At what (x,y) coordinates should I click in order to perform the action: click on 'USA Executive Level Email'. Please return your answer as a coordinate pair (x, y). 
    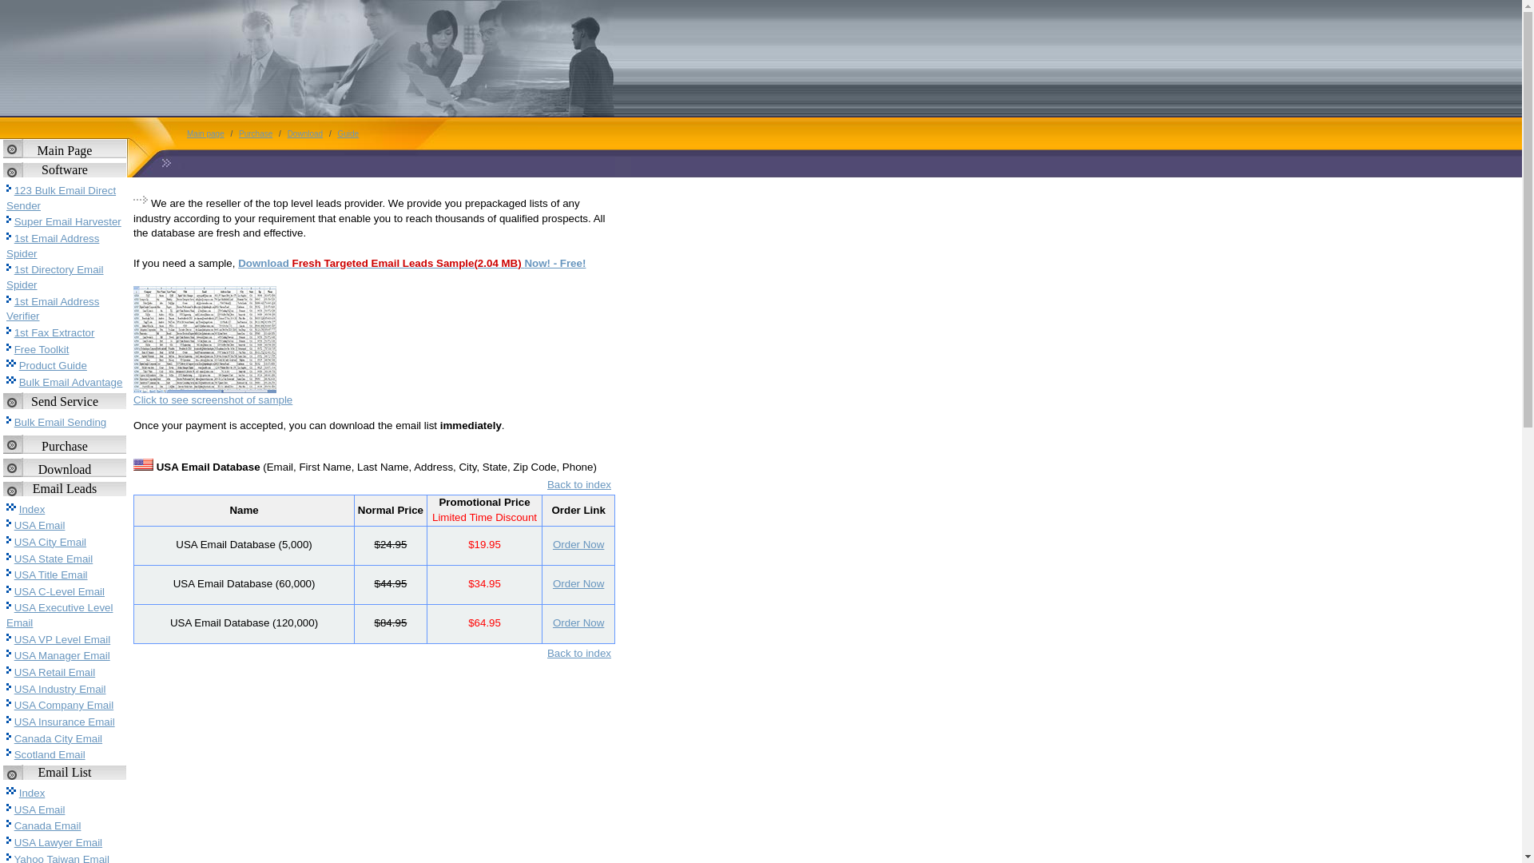
    Looking at the image, I should click on (6, 614).